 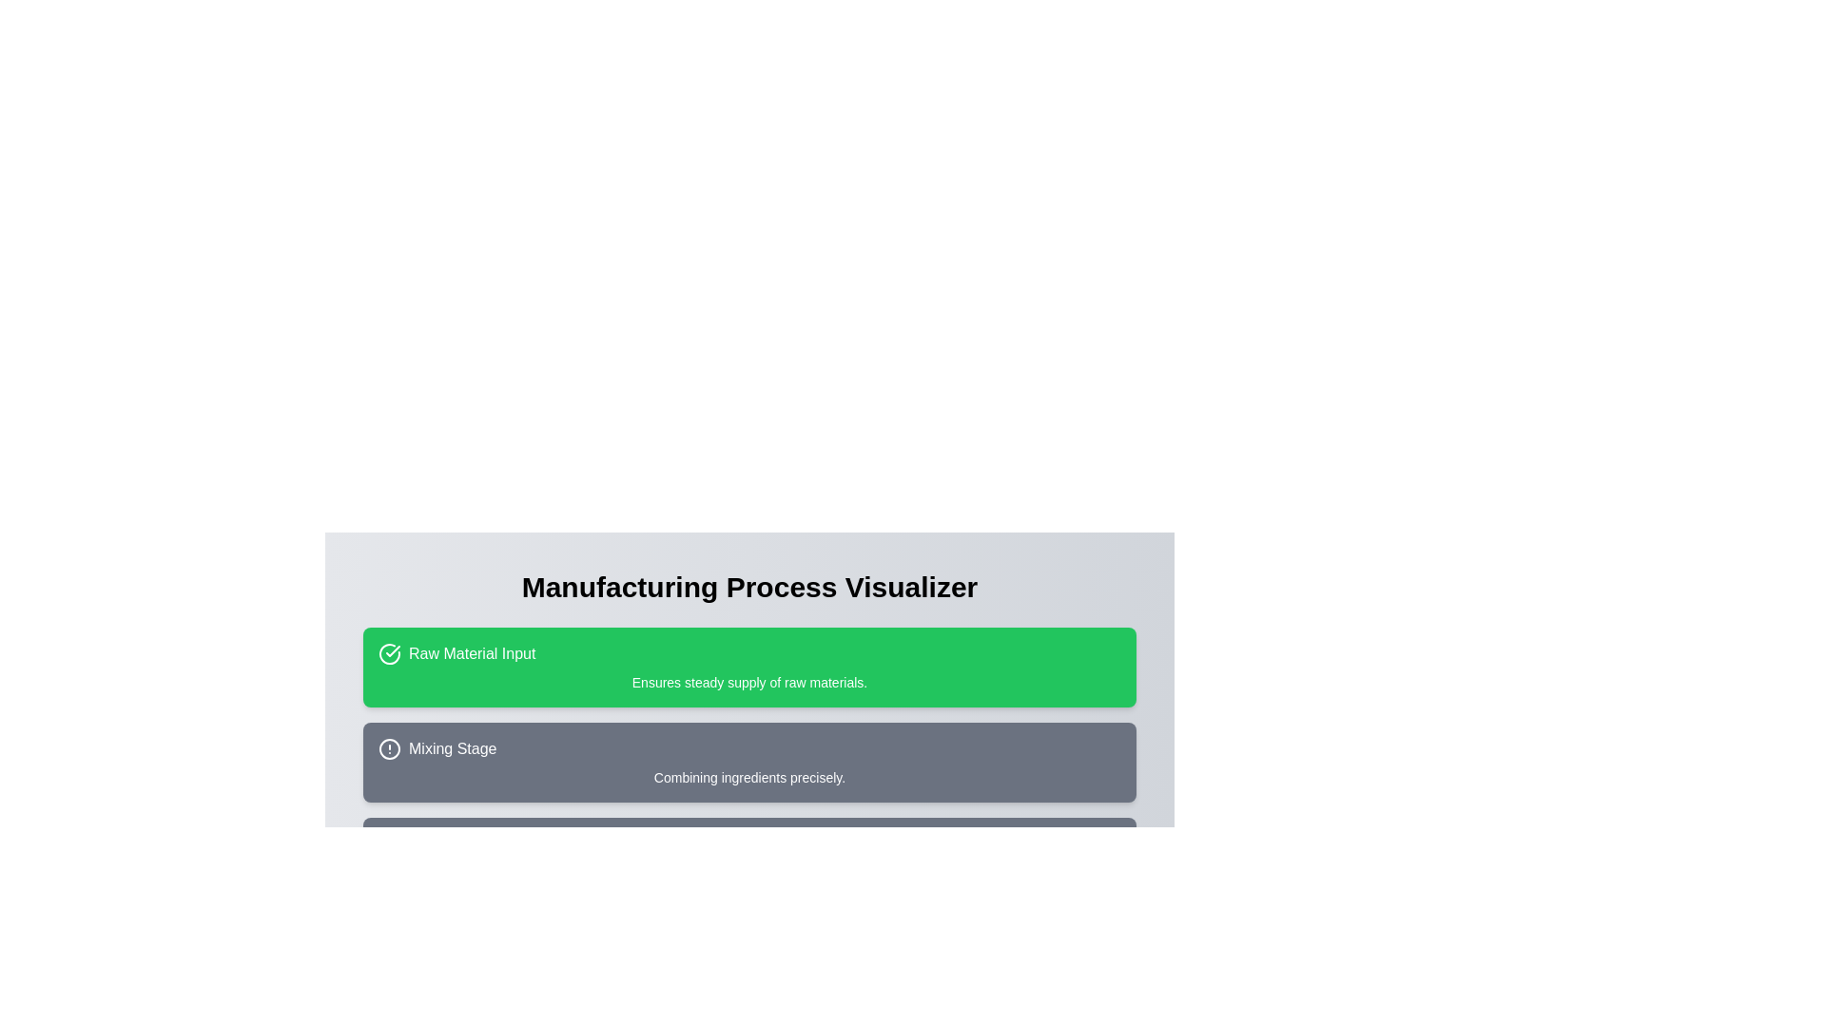 I want to click on the text element displaying 'Ensures steady supply of raw materials.' which is located below the 'Raw Material Input' heading in a green background, so click(x=748, y=681).